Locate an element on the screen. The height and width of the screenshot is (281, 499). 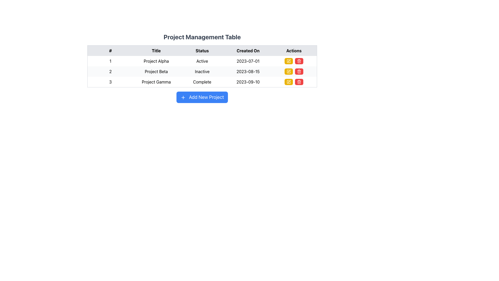
the left yellow edit button in the action buttons group located in the 'Actions' column of the first row under the 'Project Management Table' for 'Project Alpha' is located at coordinates (294, 61).